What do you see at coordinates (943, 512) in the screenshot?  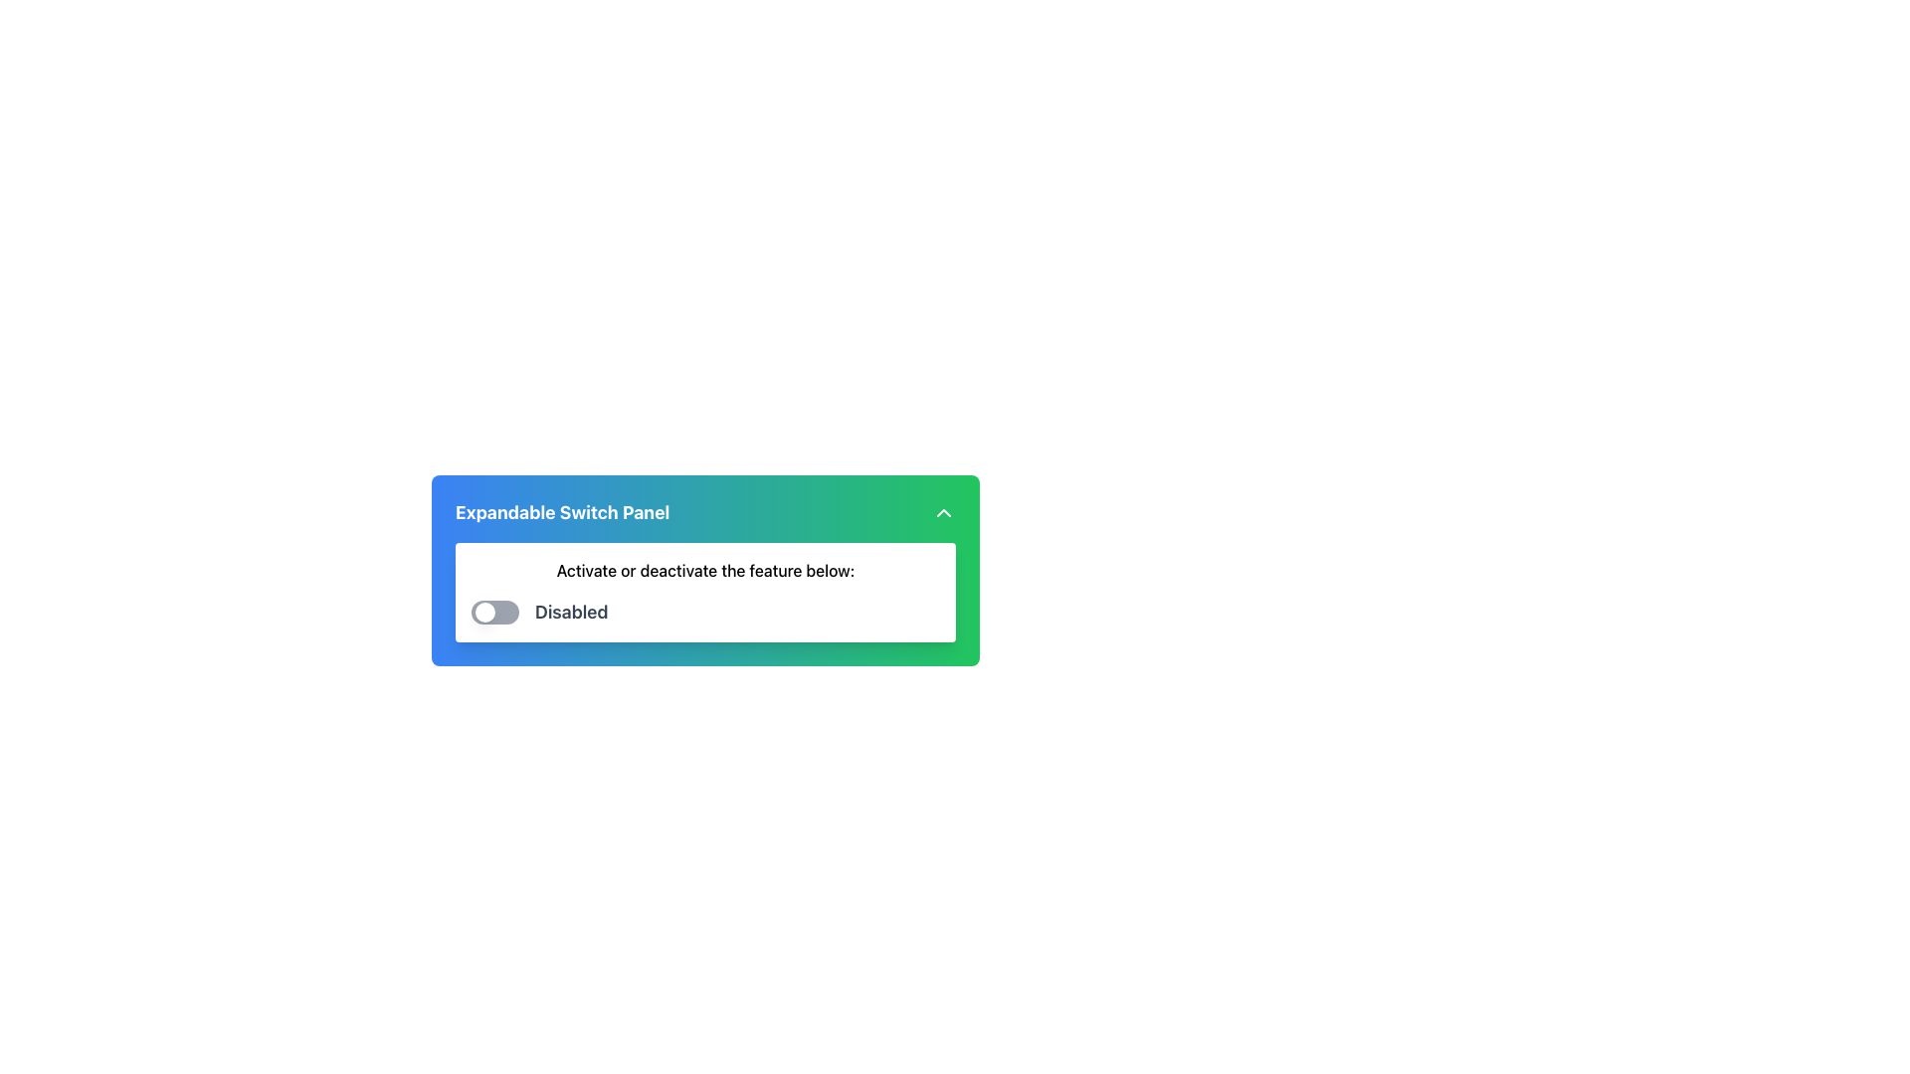 I see `the Chevron-Up icon located in the top-right corner of the 'Expandable Switch Panel'` at bounding box center [943, 512].